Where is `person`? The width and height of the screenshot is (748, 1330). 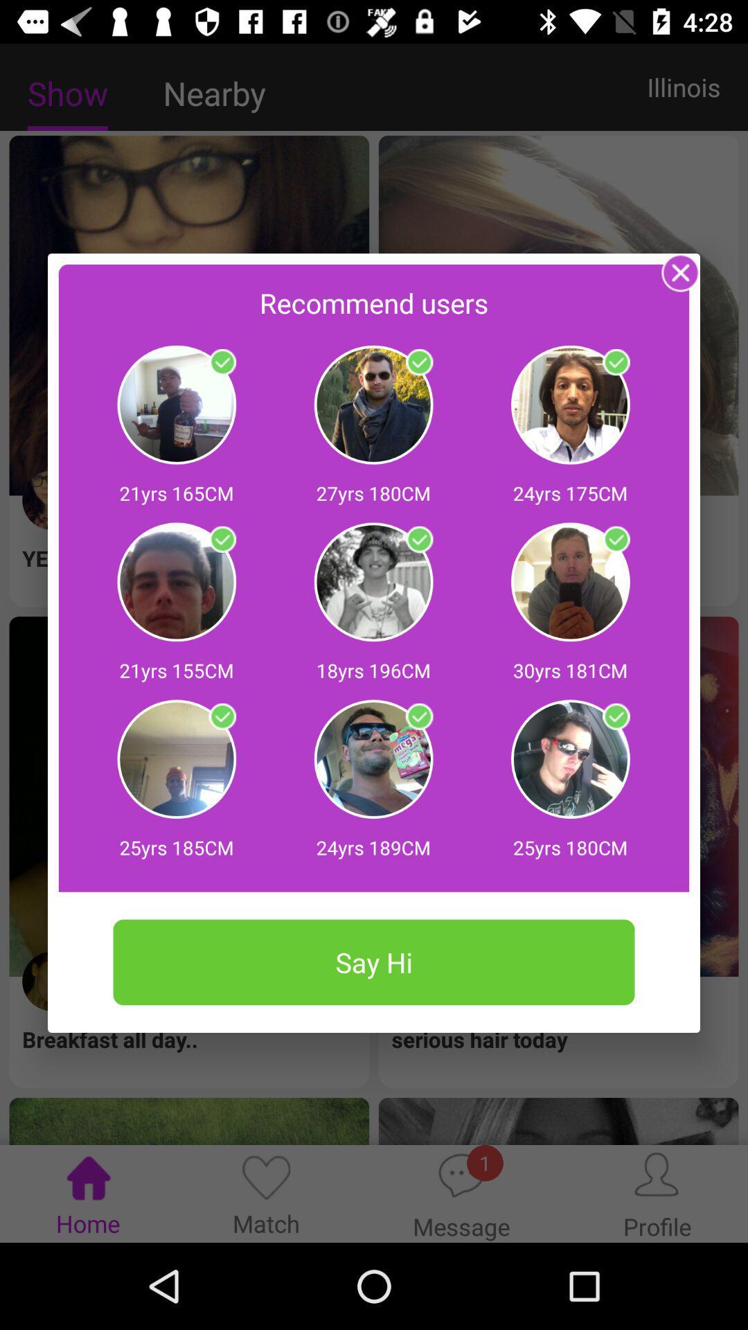
person is located at coordinates (222, 539).